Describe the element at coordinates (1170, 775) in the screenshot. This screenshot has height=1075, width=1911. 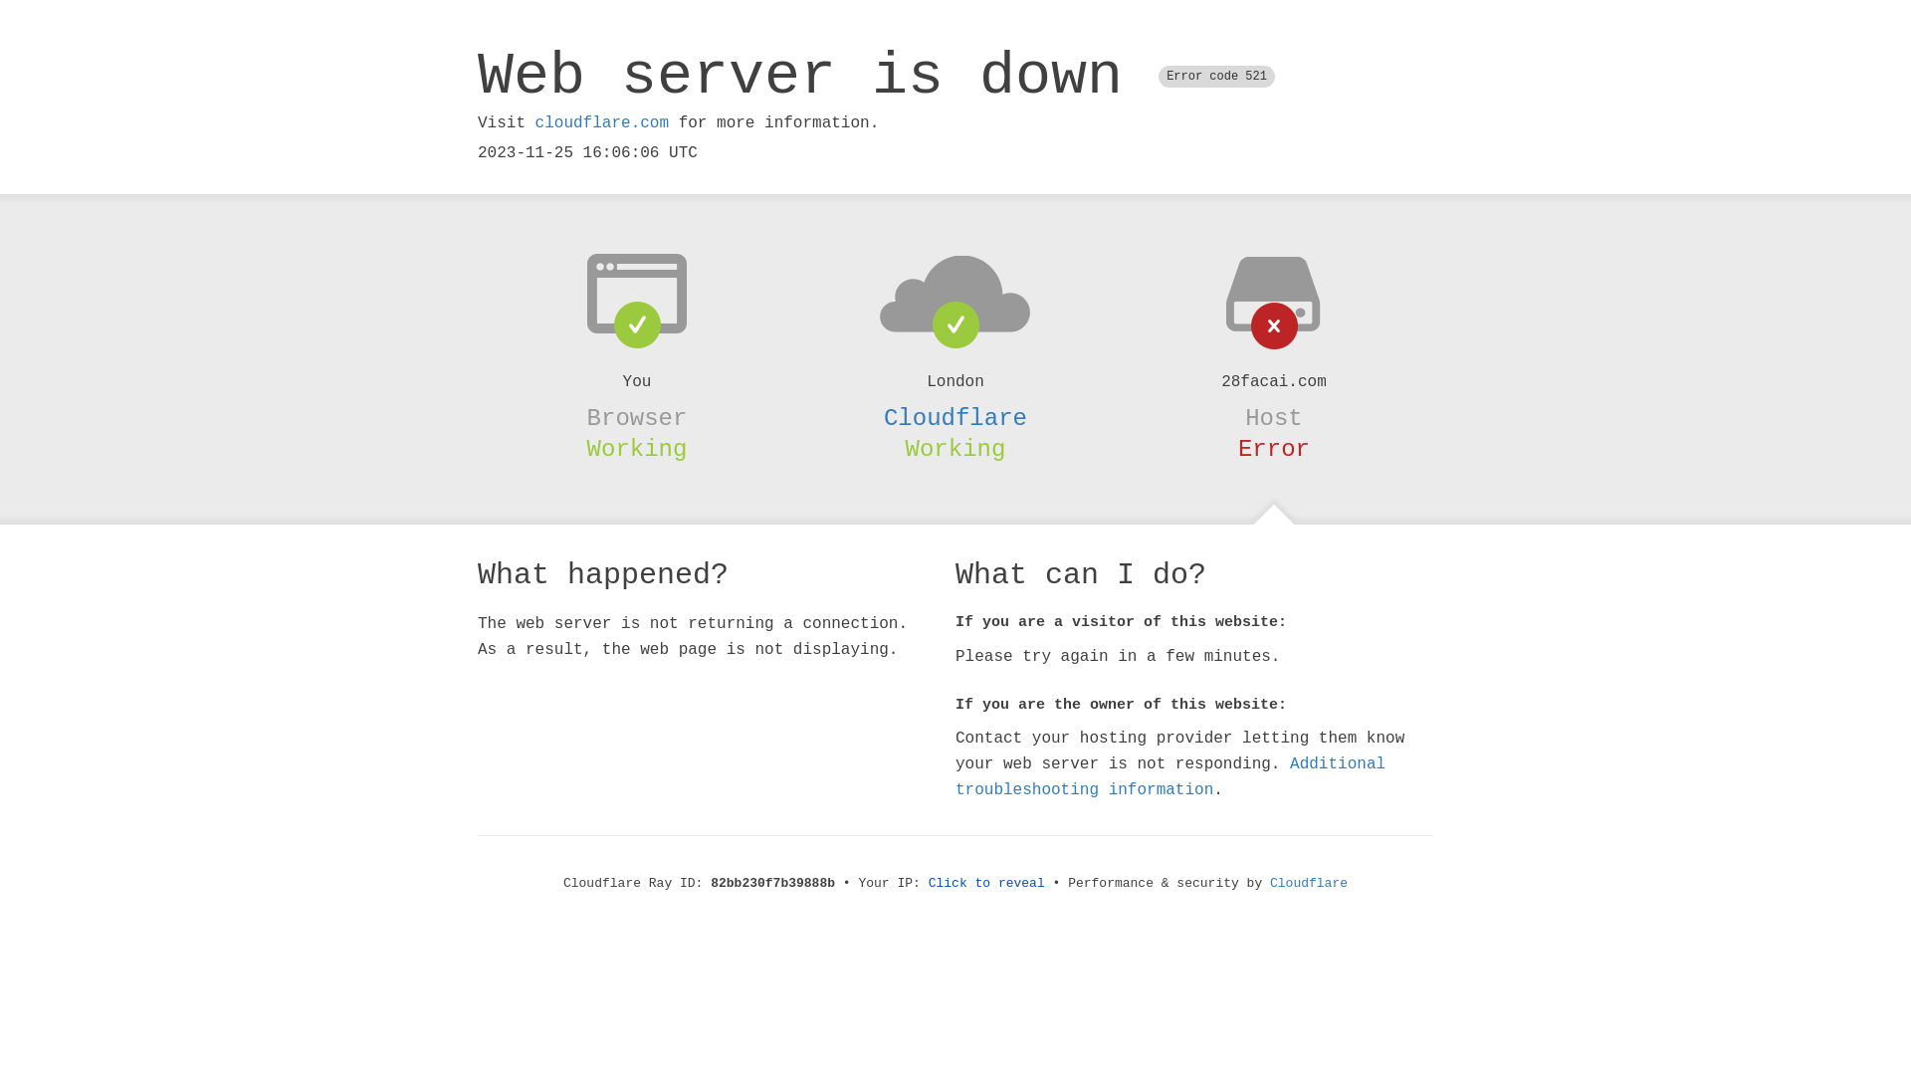
I see `'Additional troubleshooting information'` at that location.